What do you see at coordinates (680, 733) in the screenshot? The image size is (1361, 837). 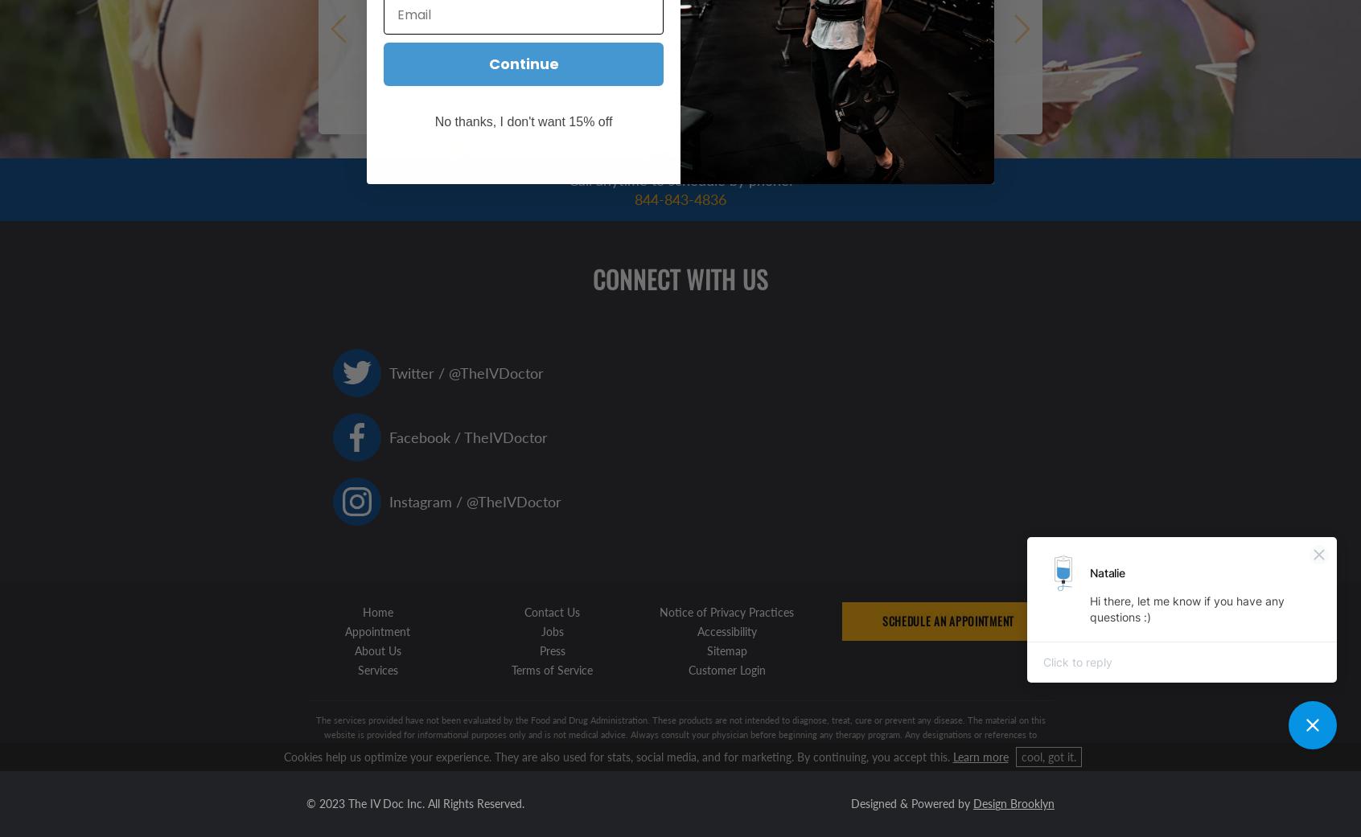 I see `'The services provided have not been evaluated by the Food and Drug Administration. These products are not intended to diagnose, treat, cure or prevent any disease. The material on this website is provided for informational purposes only and is not medical advice. Always consult your physician before beginning any therapy program. Any designations or references to therapies are for marketing purposes only and do not represent actual products.'` at bounding box center [680, 733].